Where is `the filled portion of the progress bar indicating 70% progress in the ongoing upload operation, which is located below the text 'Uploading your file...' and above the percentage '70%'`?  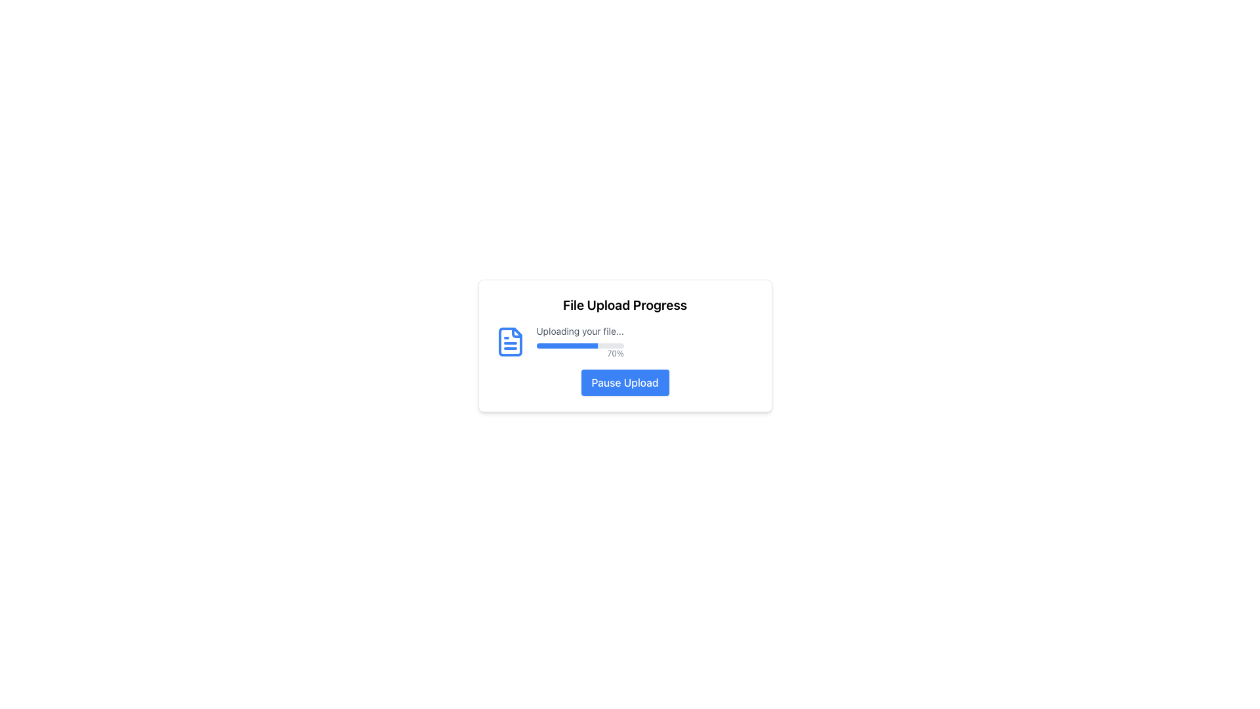
the filled portion of the progress bar indicating 70% progress in the ongoing upload operation, which is located below the text 'Uploading your file...' and above the percentage '70%' is located at coordinates (567, 345).